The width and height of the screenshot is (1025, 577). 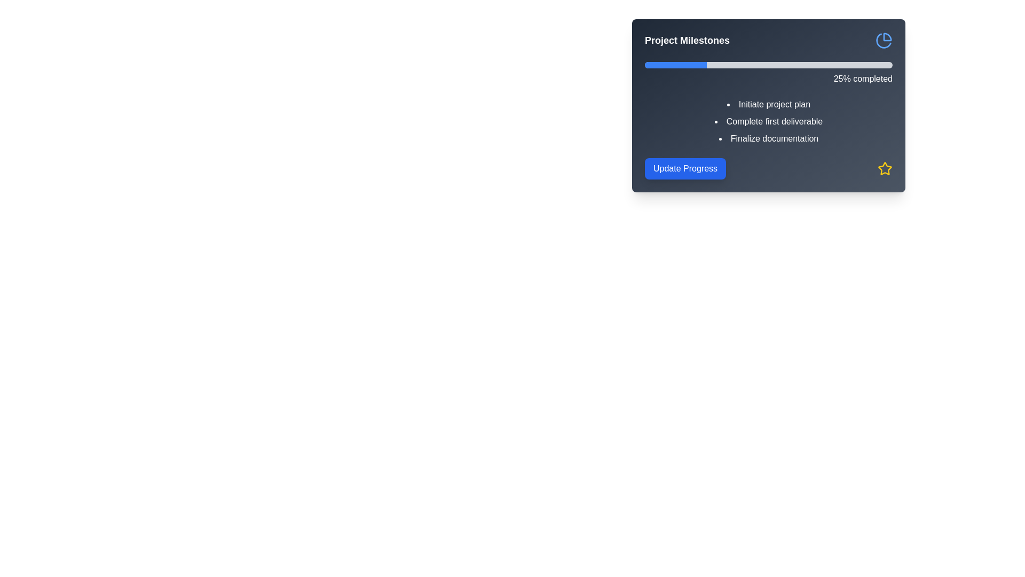 What do you see at coordinates (697, 65) in the screenshot?
I see `progress` at bounding box center [697, 65].